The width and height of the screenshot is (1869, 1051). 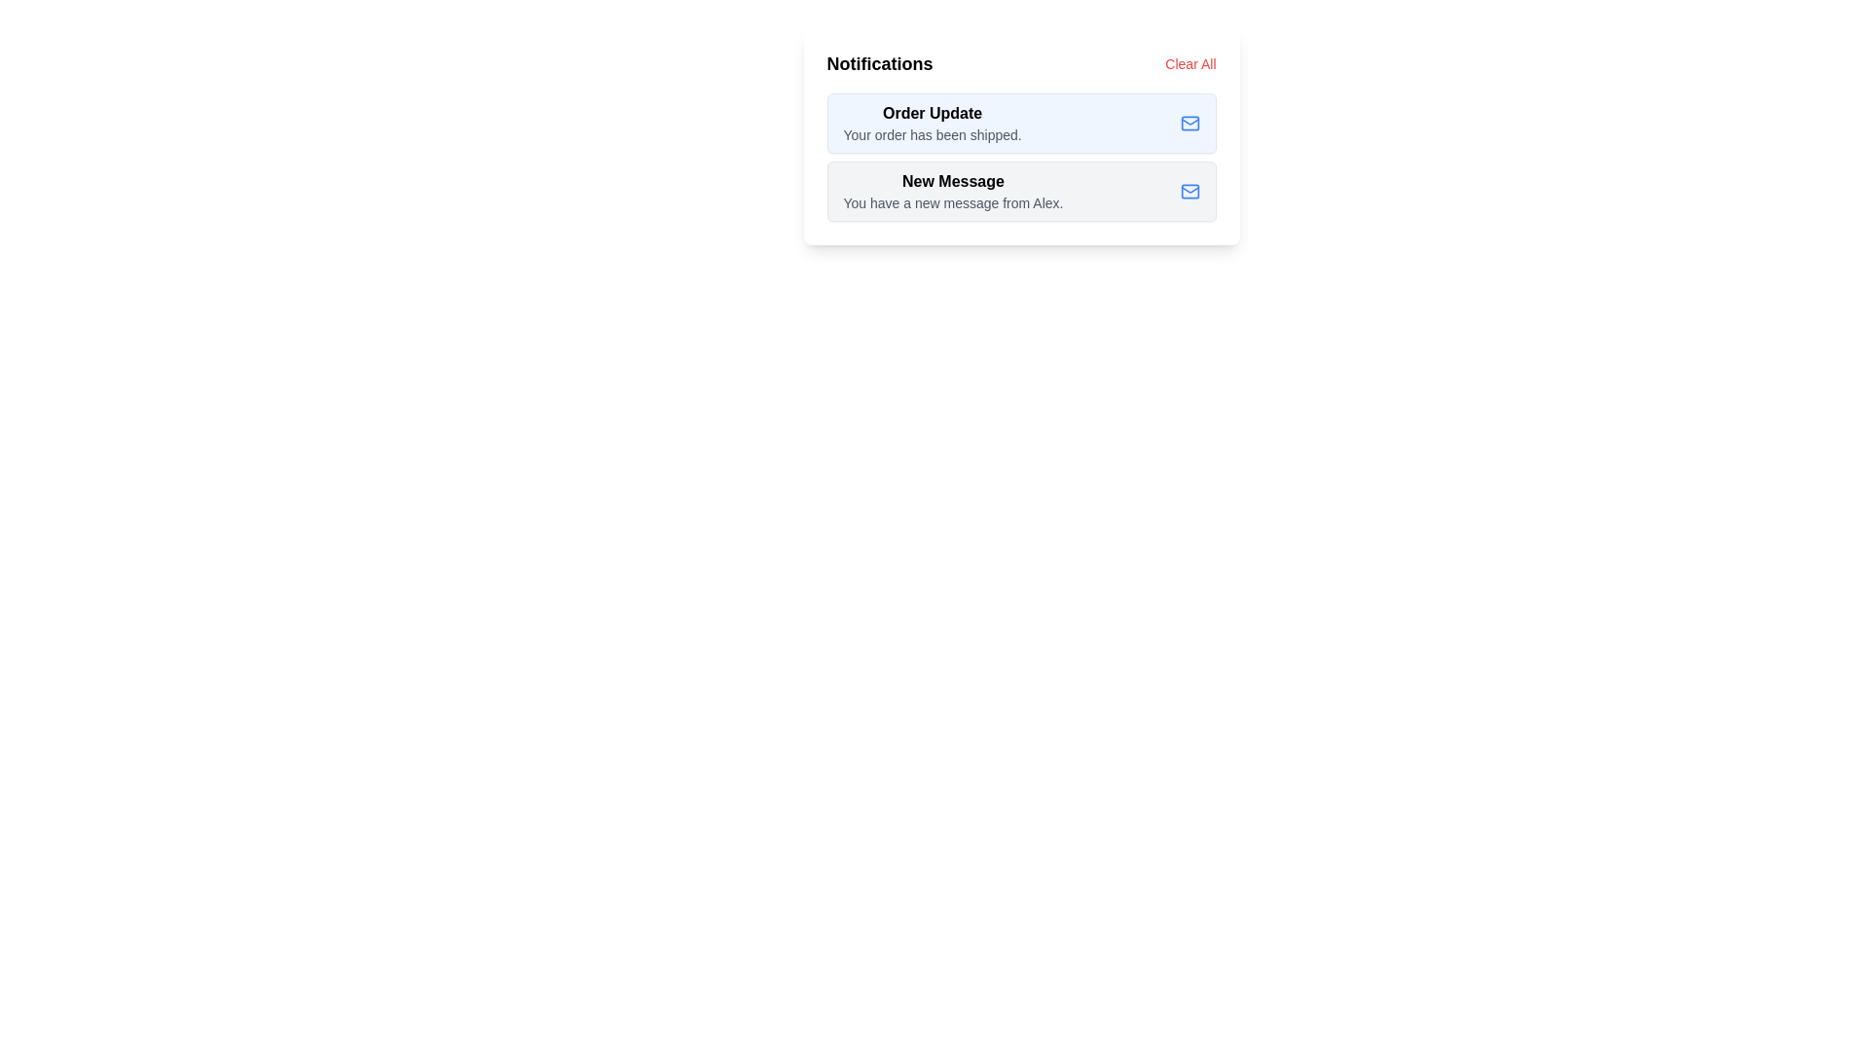 I want to click on notification text label displaying the shipment status of the user's order, located below the 'Order Update' label in the top-center of the page, so click(x=932, y=133).